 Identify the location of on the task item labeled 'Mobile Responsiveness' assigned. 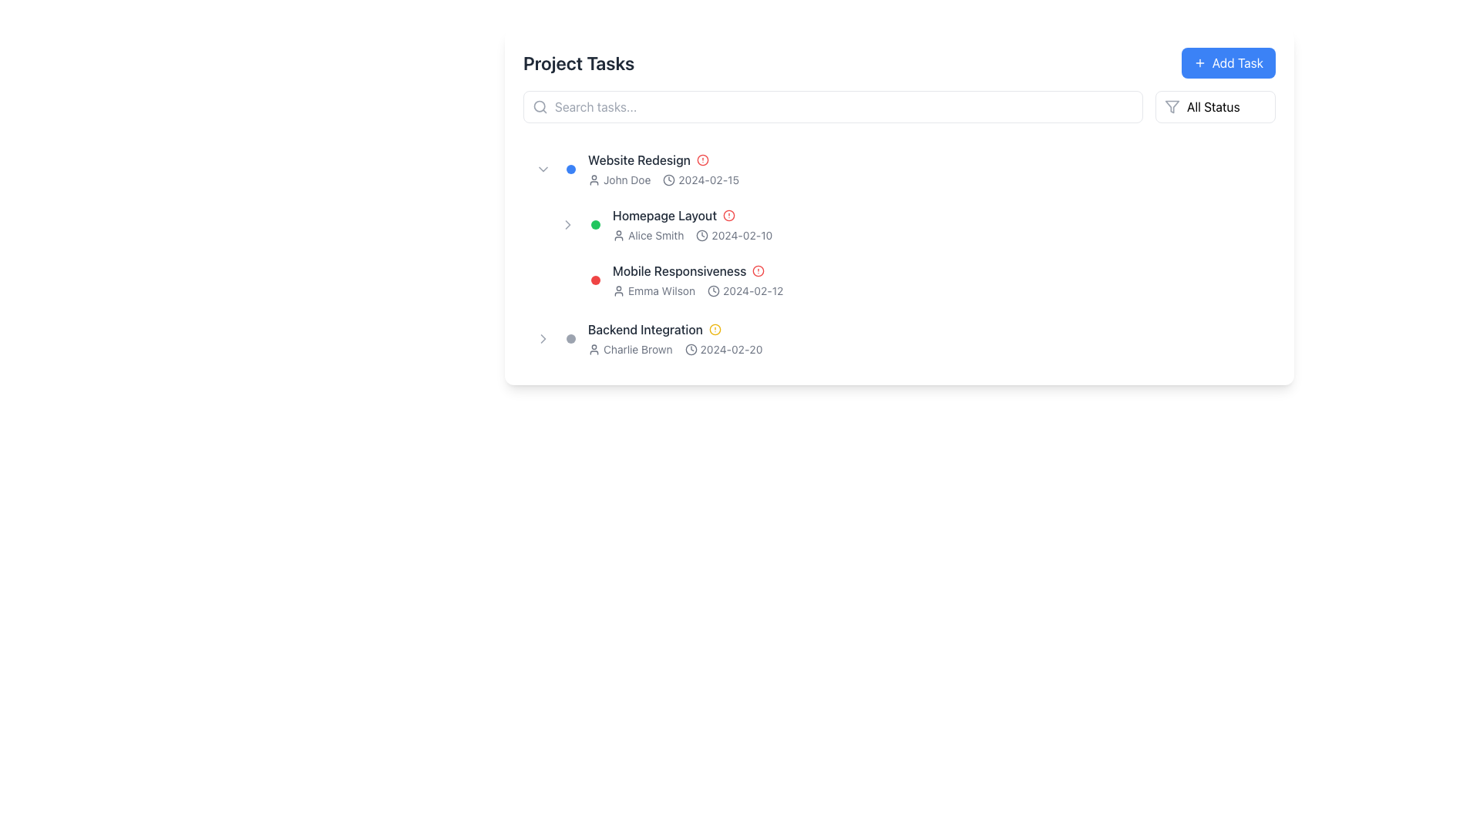
(939, 280).